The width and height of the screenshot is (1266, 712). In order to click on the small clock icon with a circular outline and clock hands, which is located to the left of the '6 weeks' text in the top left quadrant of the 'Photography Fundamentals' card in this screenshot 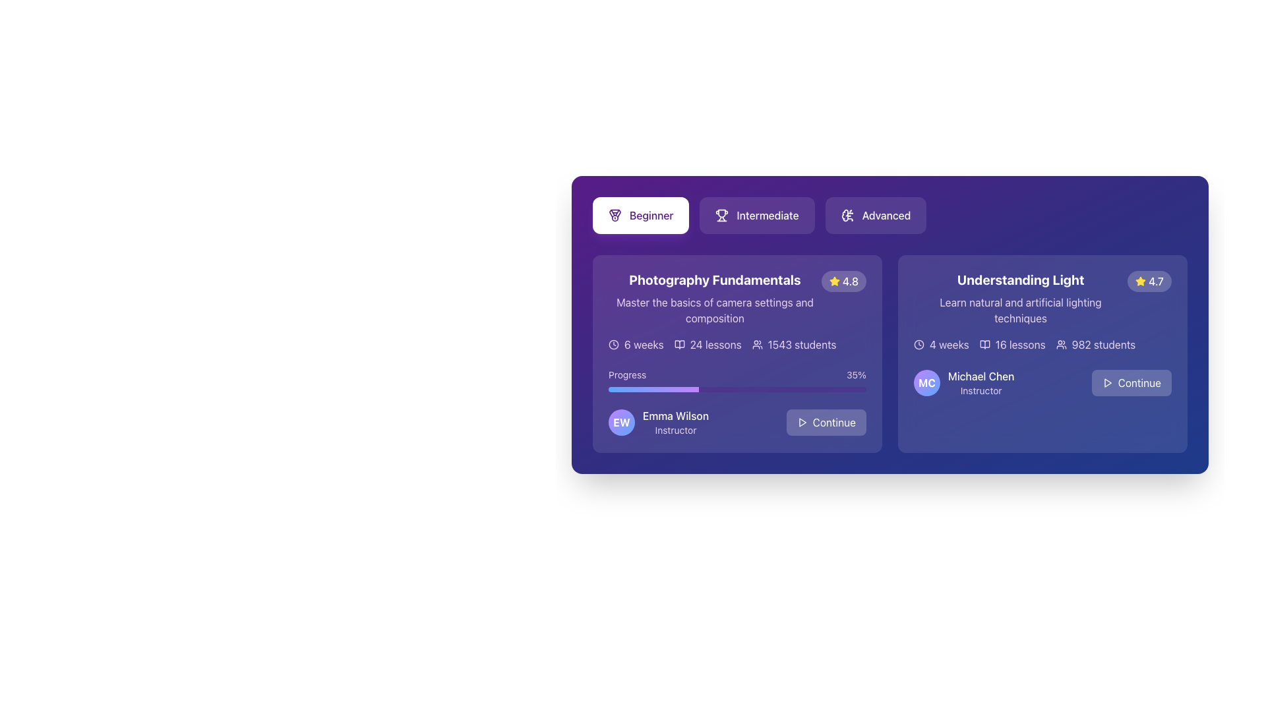, I will do `click(613, 344)`.